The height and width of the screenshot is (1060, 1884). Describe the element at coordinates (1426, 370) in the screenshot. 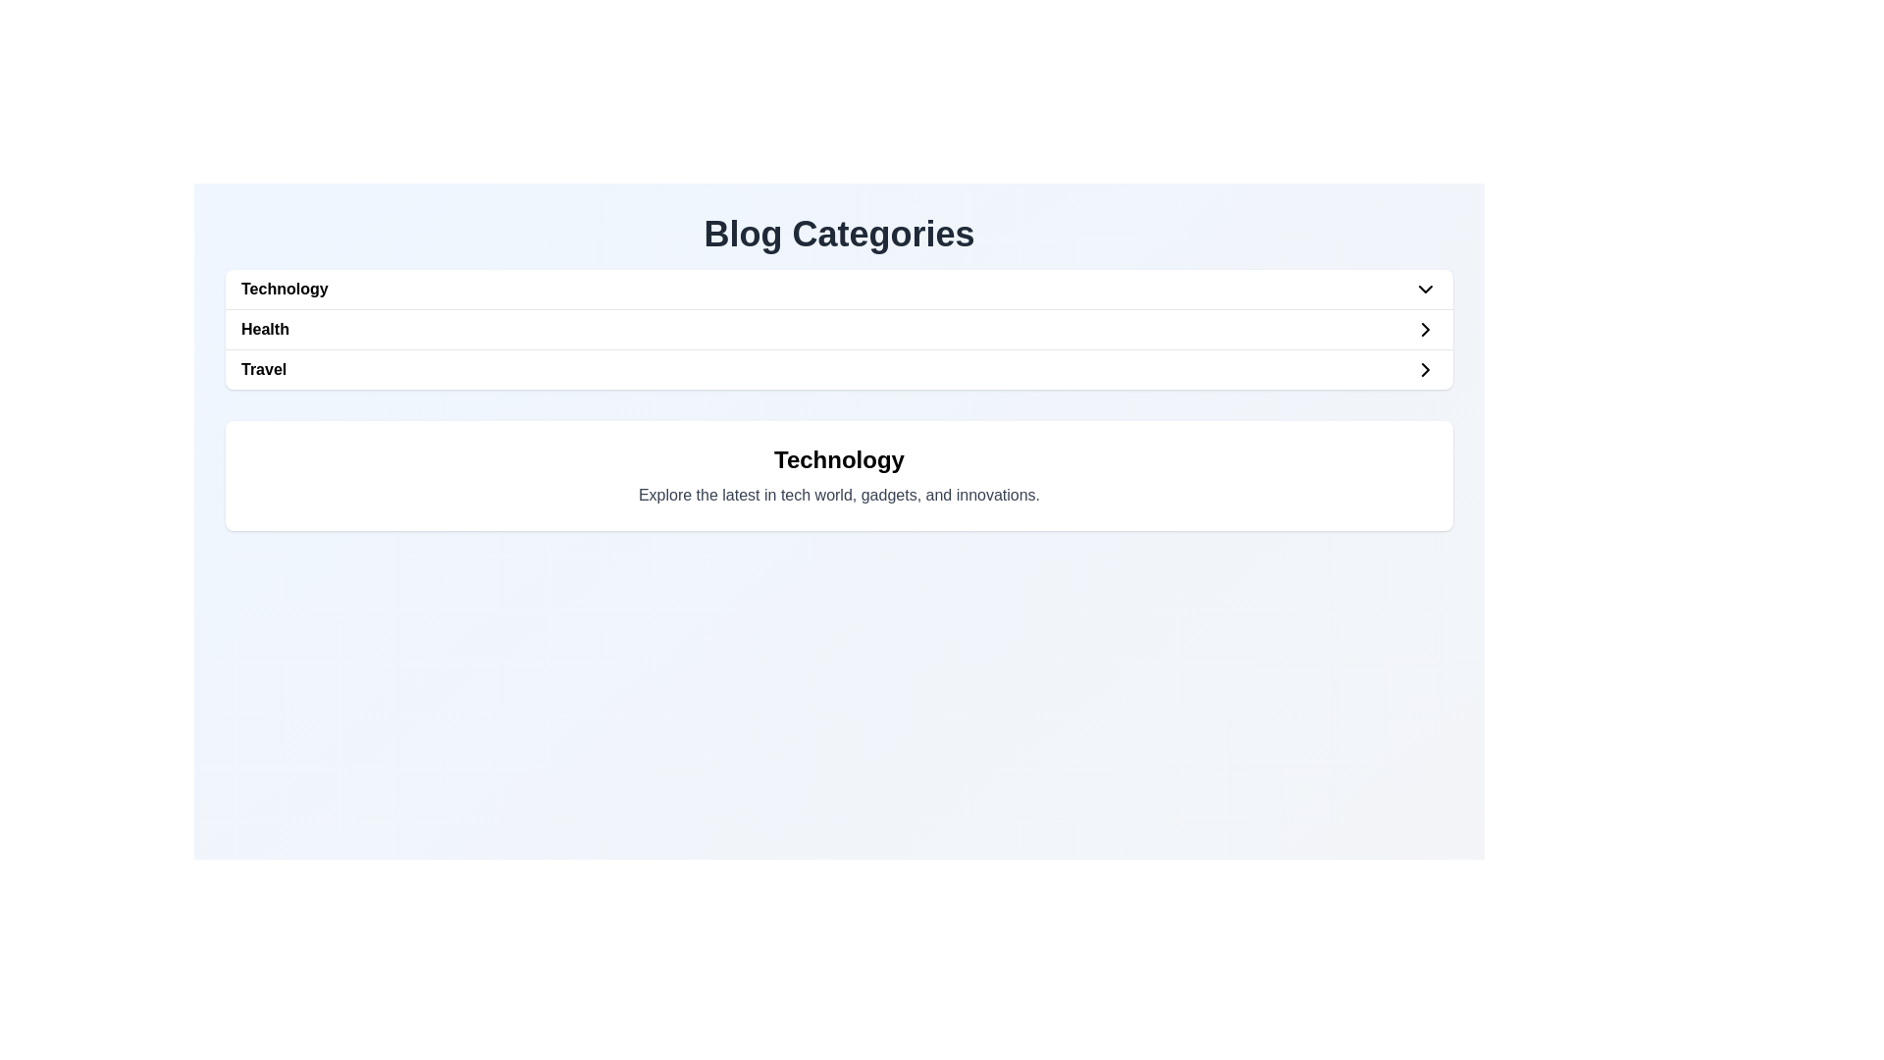

I see `the right-pointing chevron arrow icon located in the 'Travel' row of blog categories` at that location.